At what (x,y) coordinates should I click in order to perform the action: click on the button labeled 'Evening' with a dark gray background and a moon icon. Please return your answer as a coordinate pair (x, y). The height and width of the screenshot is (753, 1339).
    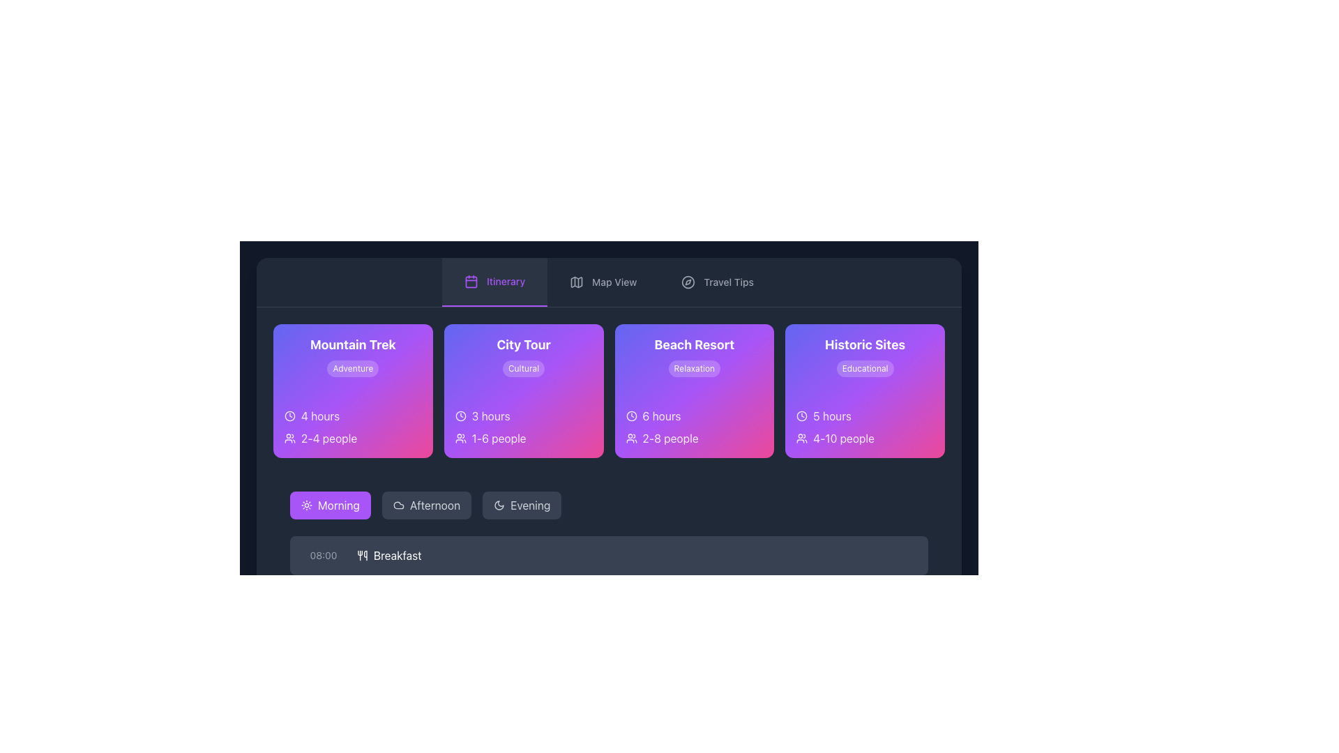
    Looking at the image, I should click on (521, 505).